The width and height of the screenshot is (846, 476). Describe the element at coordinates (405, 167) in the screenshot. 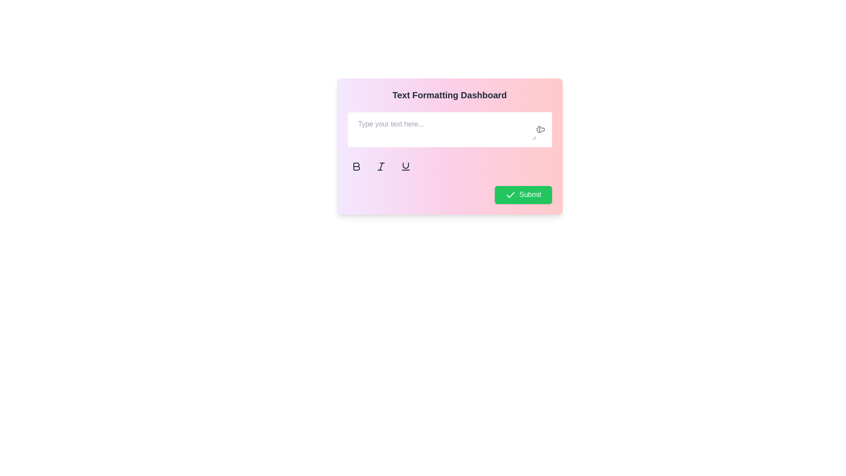

I see `the underline formatting icon button located third from the left in the row of text formatting icons` at that location.